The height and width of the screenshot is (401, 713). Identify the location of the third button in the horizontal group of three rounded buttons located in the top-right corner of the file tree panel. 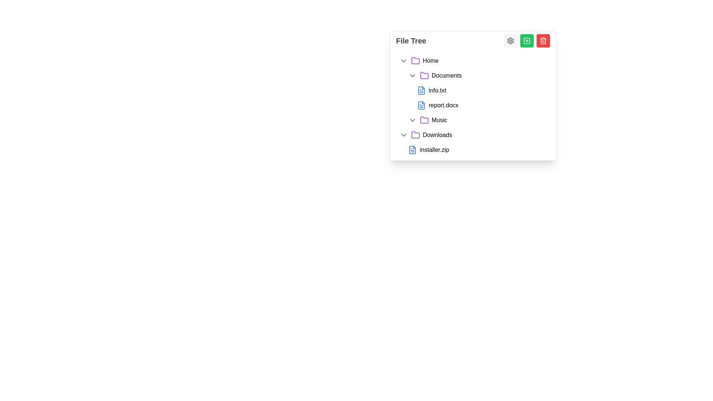
(543, 41).